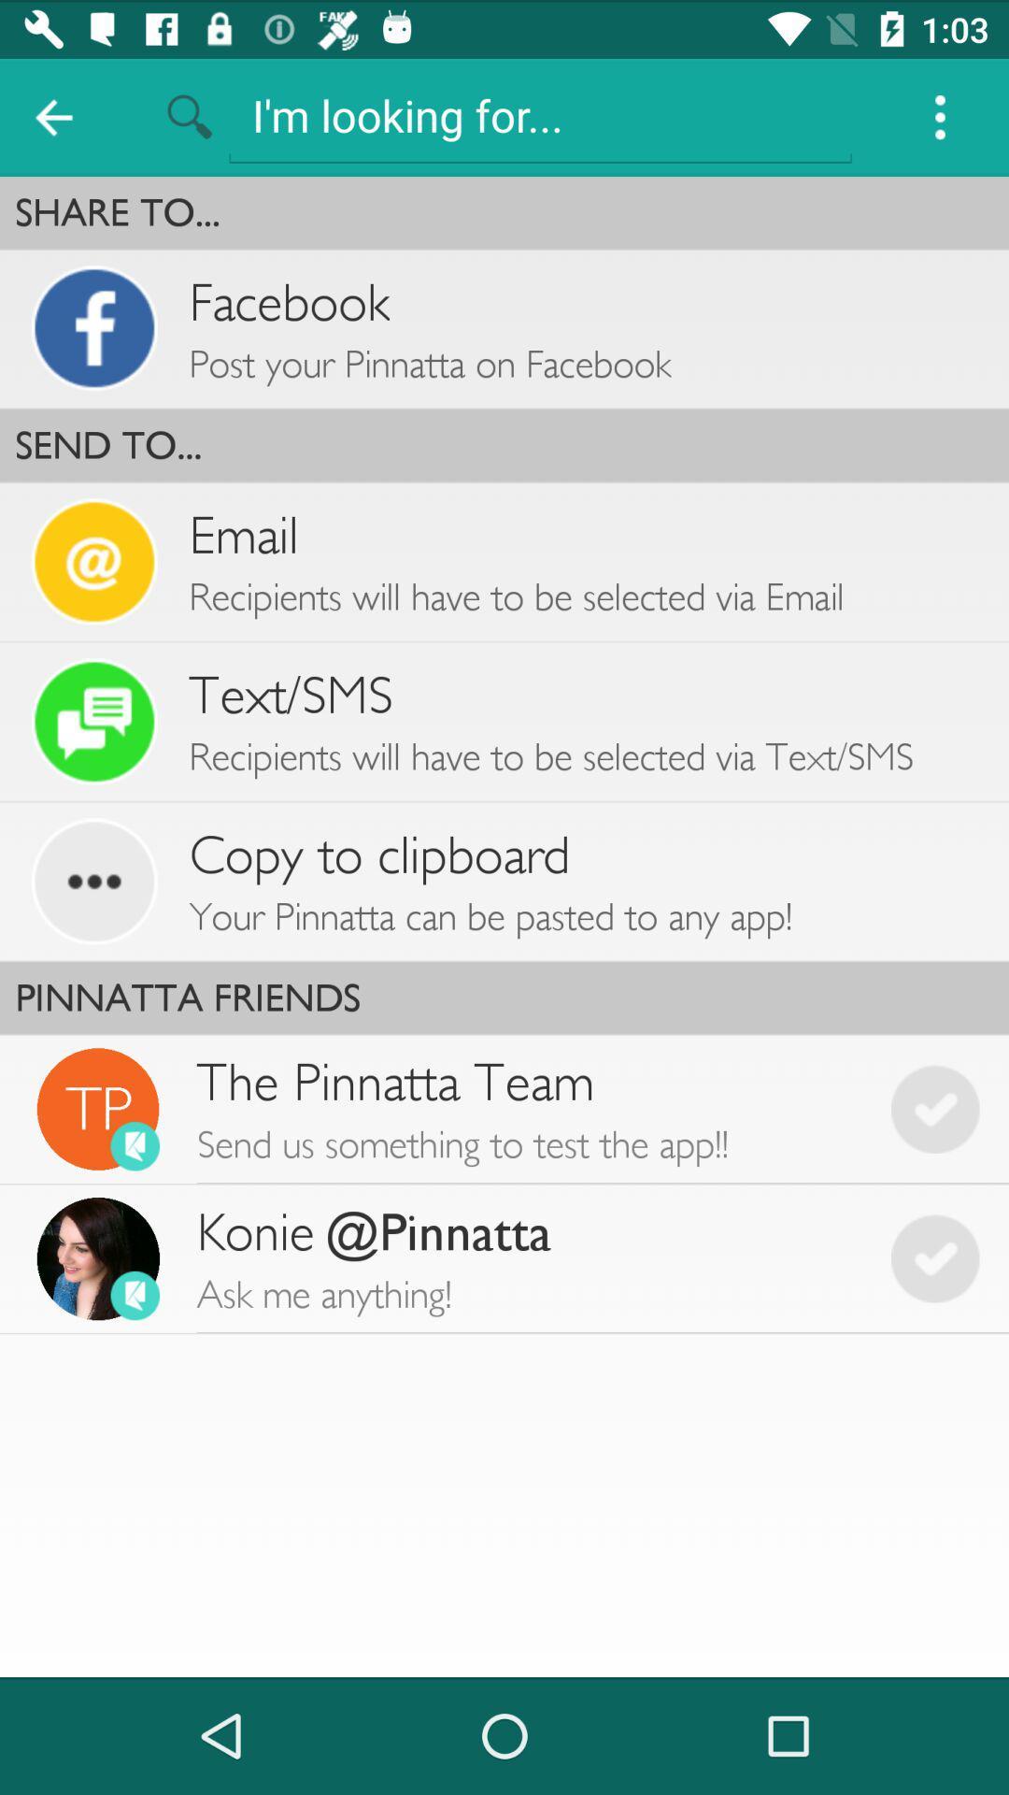 The height and width of the screenshot is (1795, 1009). Describe the element at coordinates (529, 1258) in the screenshot. I see `konie pinnatta ask app` at that location.